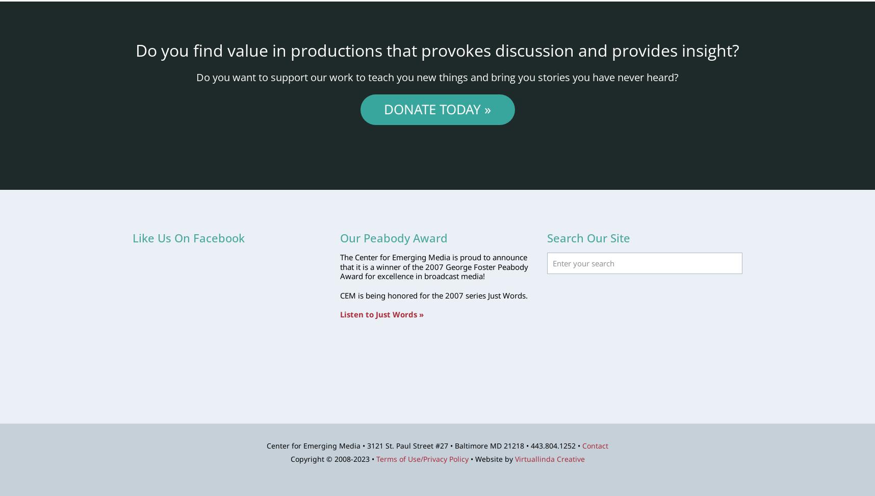 The image size is (875, 496). Describe the element at coordinates (188, 237) in the screenshot. I see `'Like Us On Facebook'` at that location.